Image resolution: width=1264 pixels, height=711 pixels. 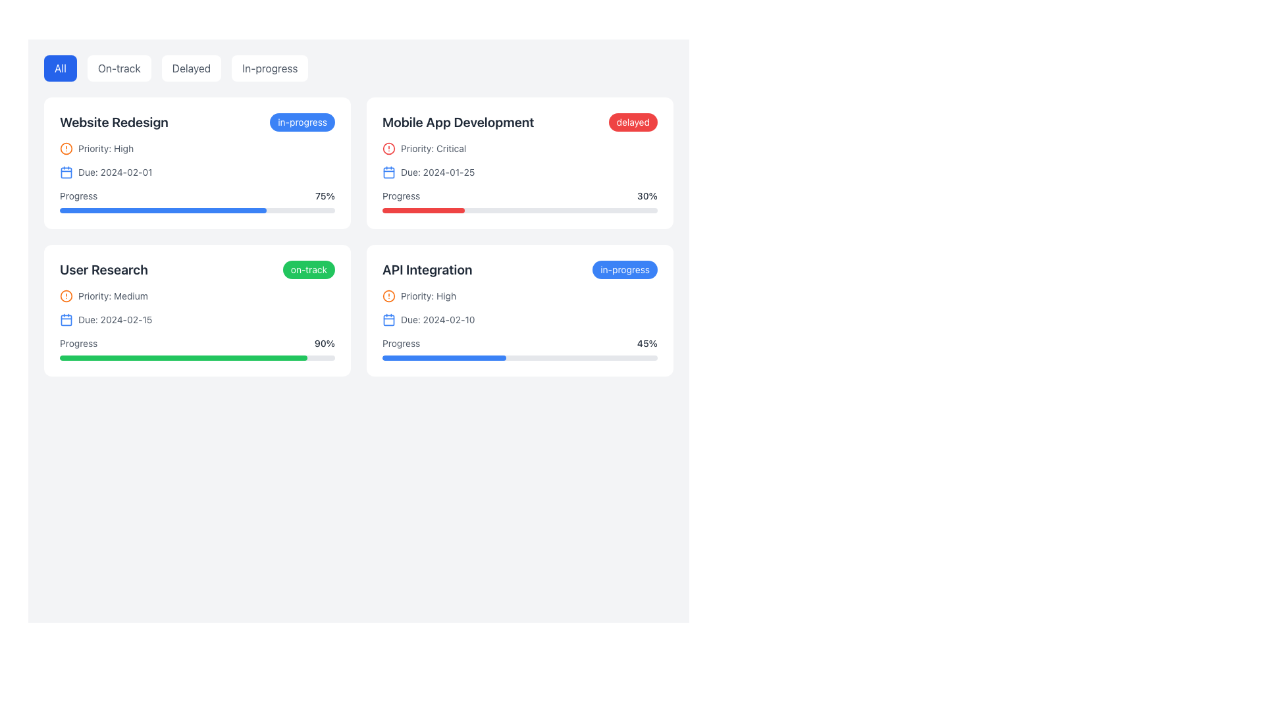 I want to click on the Progress bar segment within the 'User Research' task card, which represents approximately 90% completion, so click(x=183, y=357).